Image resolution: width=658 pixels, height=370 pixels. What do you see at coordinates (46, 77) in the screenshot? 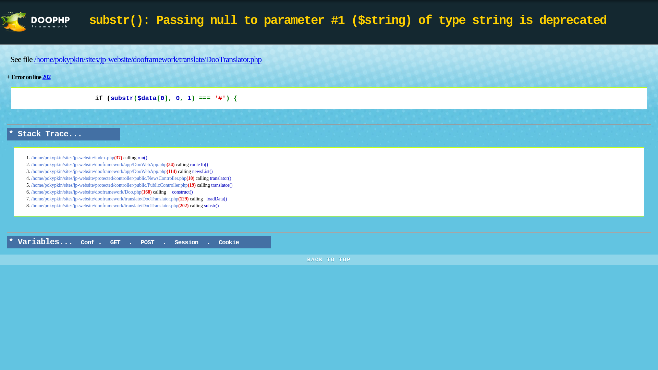
I see `'202'` at bounding box center [46, 77].